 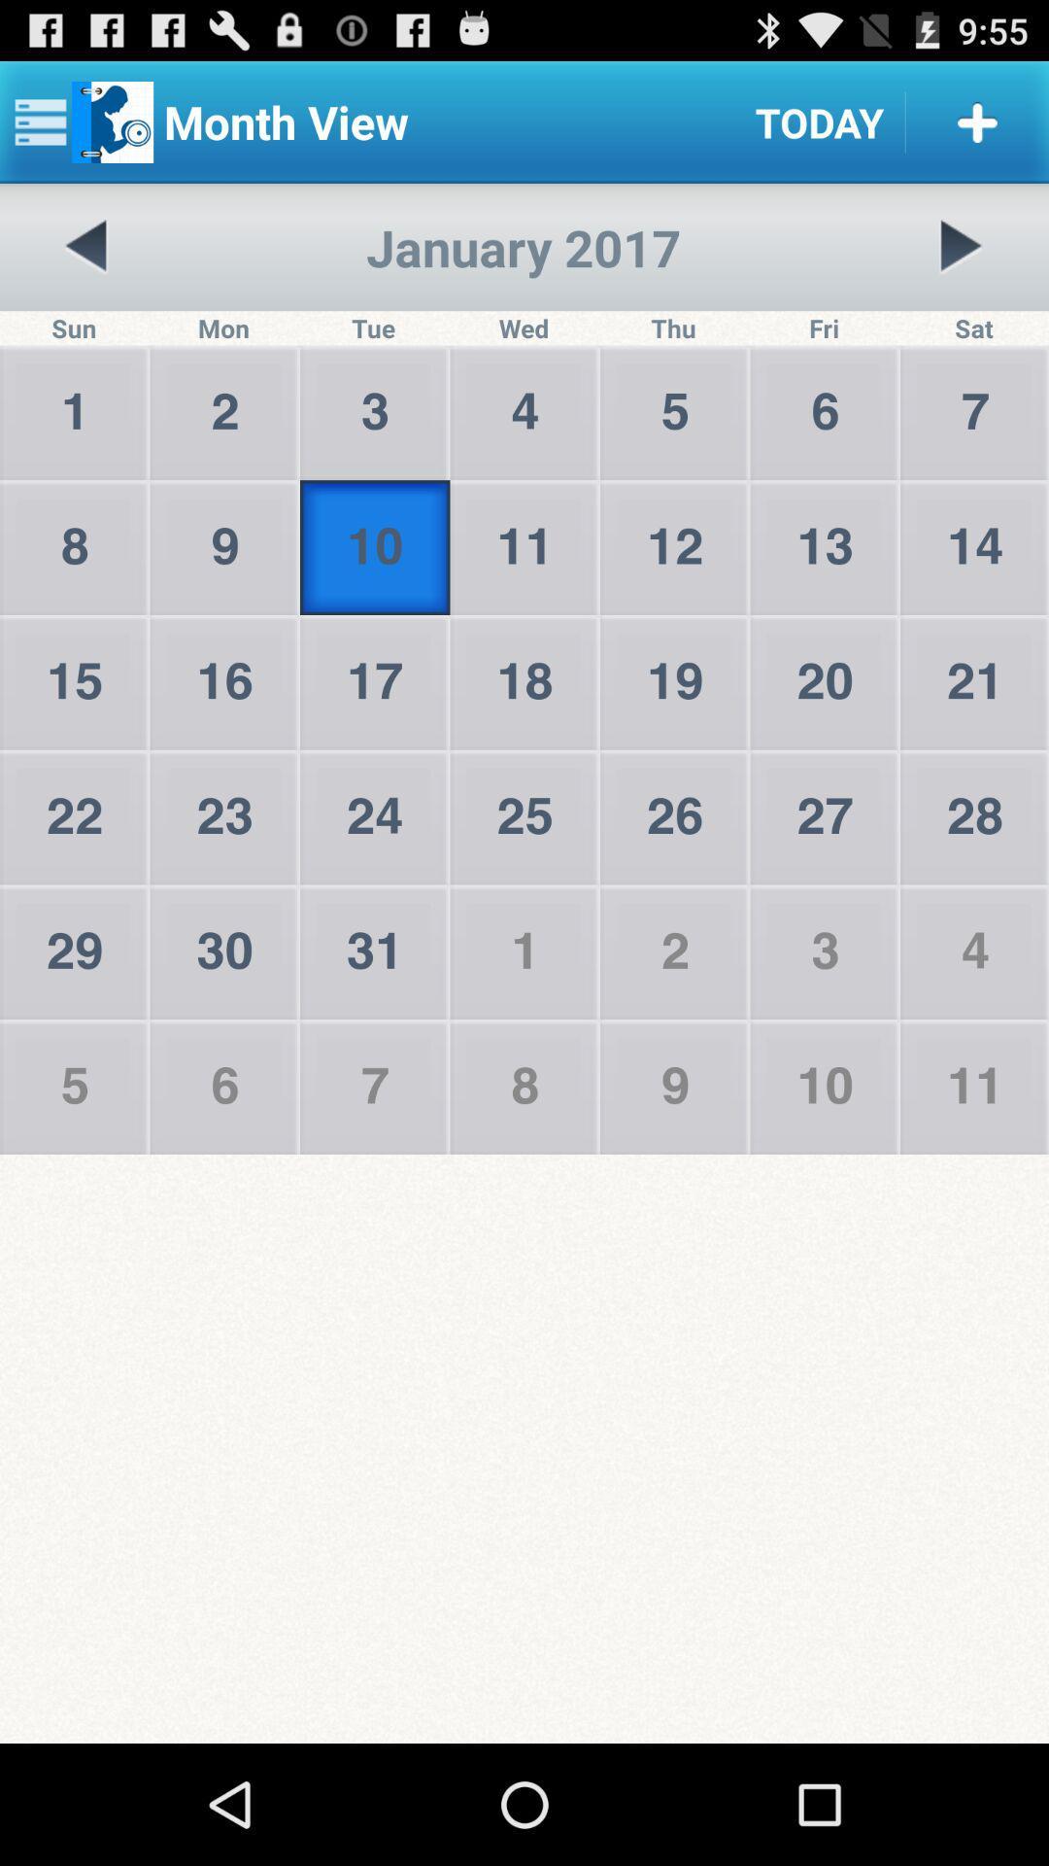 I want to click on the icon at the bottom, so click(x=524, y=1449).